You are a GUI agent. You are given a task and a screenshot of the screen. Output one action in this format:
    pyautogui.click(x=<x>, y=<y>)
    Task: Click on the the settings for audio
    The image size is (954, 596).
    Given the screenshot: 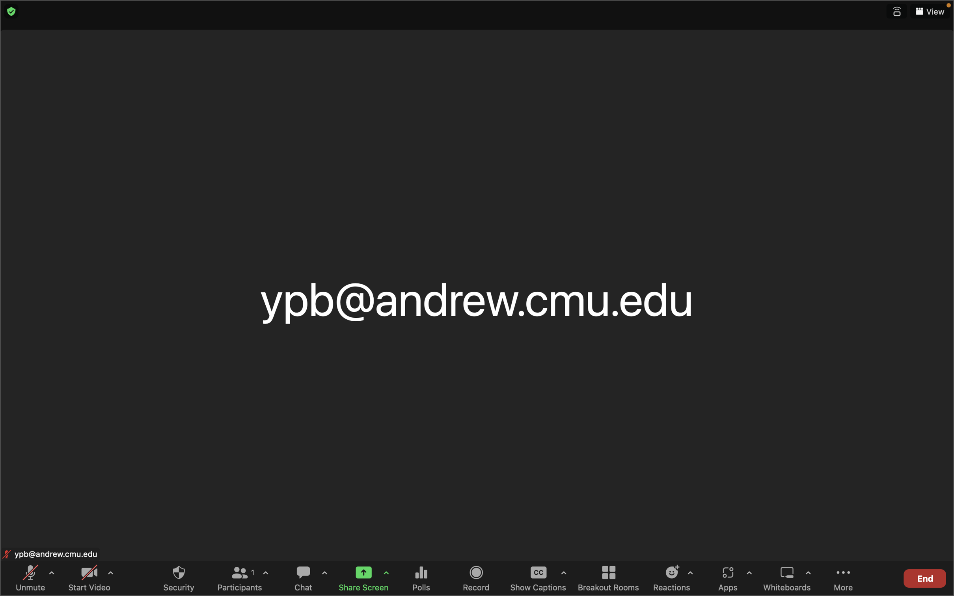 What is the action you would take?
    pyautogui.click(x=51, y=576)
    